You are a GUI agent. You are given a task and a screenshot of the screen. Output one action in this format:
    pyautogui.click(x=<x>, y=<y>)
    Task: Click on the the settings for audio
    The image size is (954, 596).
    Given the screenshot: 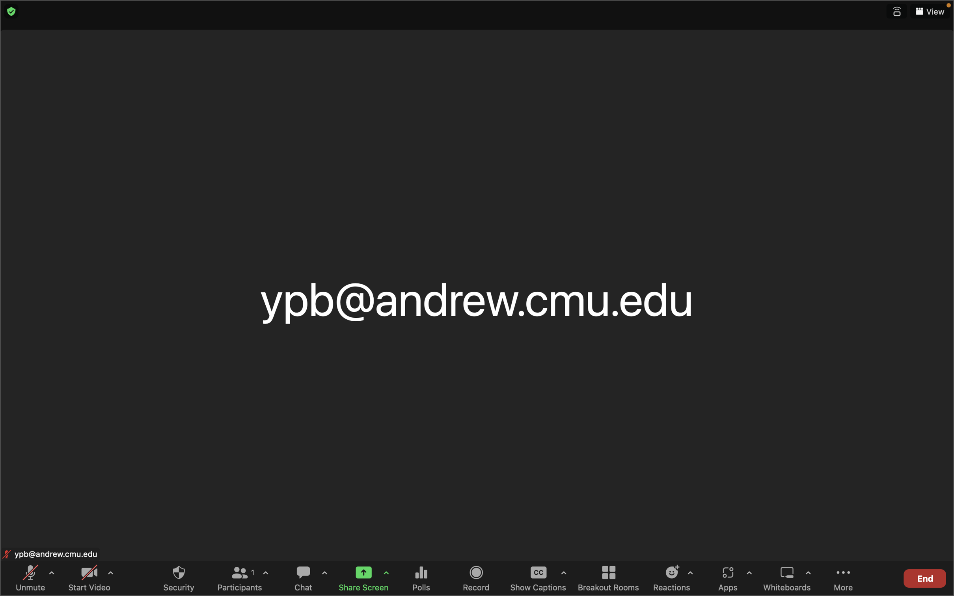 What is the action you would take?
    pyautogui.click(x=51, y=576)
    